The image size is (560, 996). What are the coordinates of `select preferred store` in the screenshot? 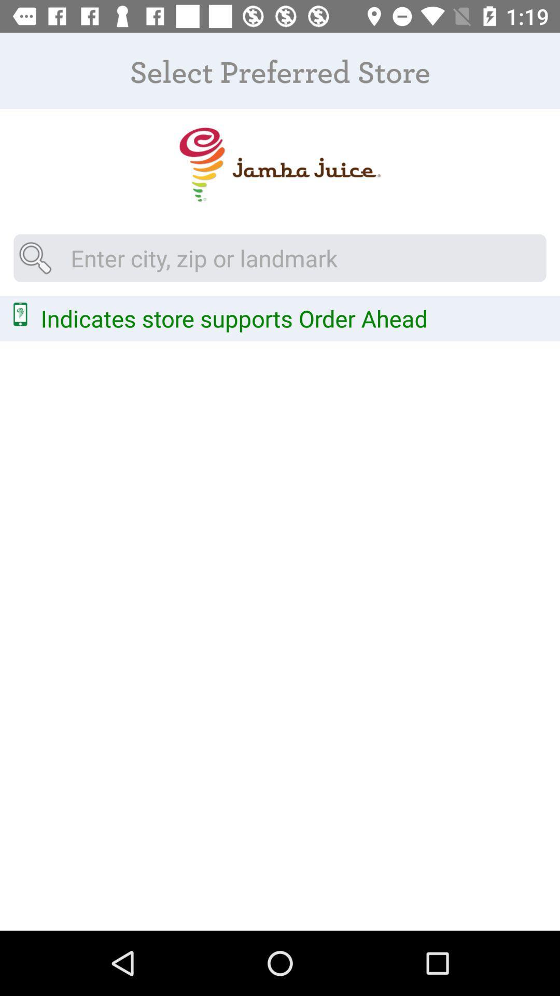 It's located at (279, 164).